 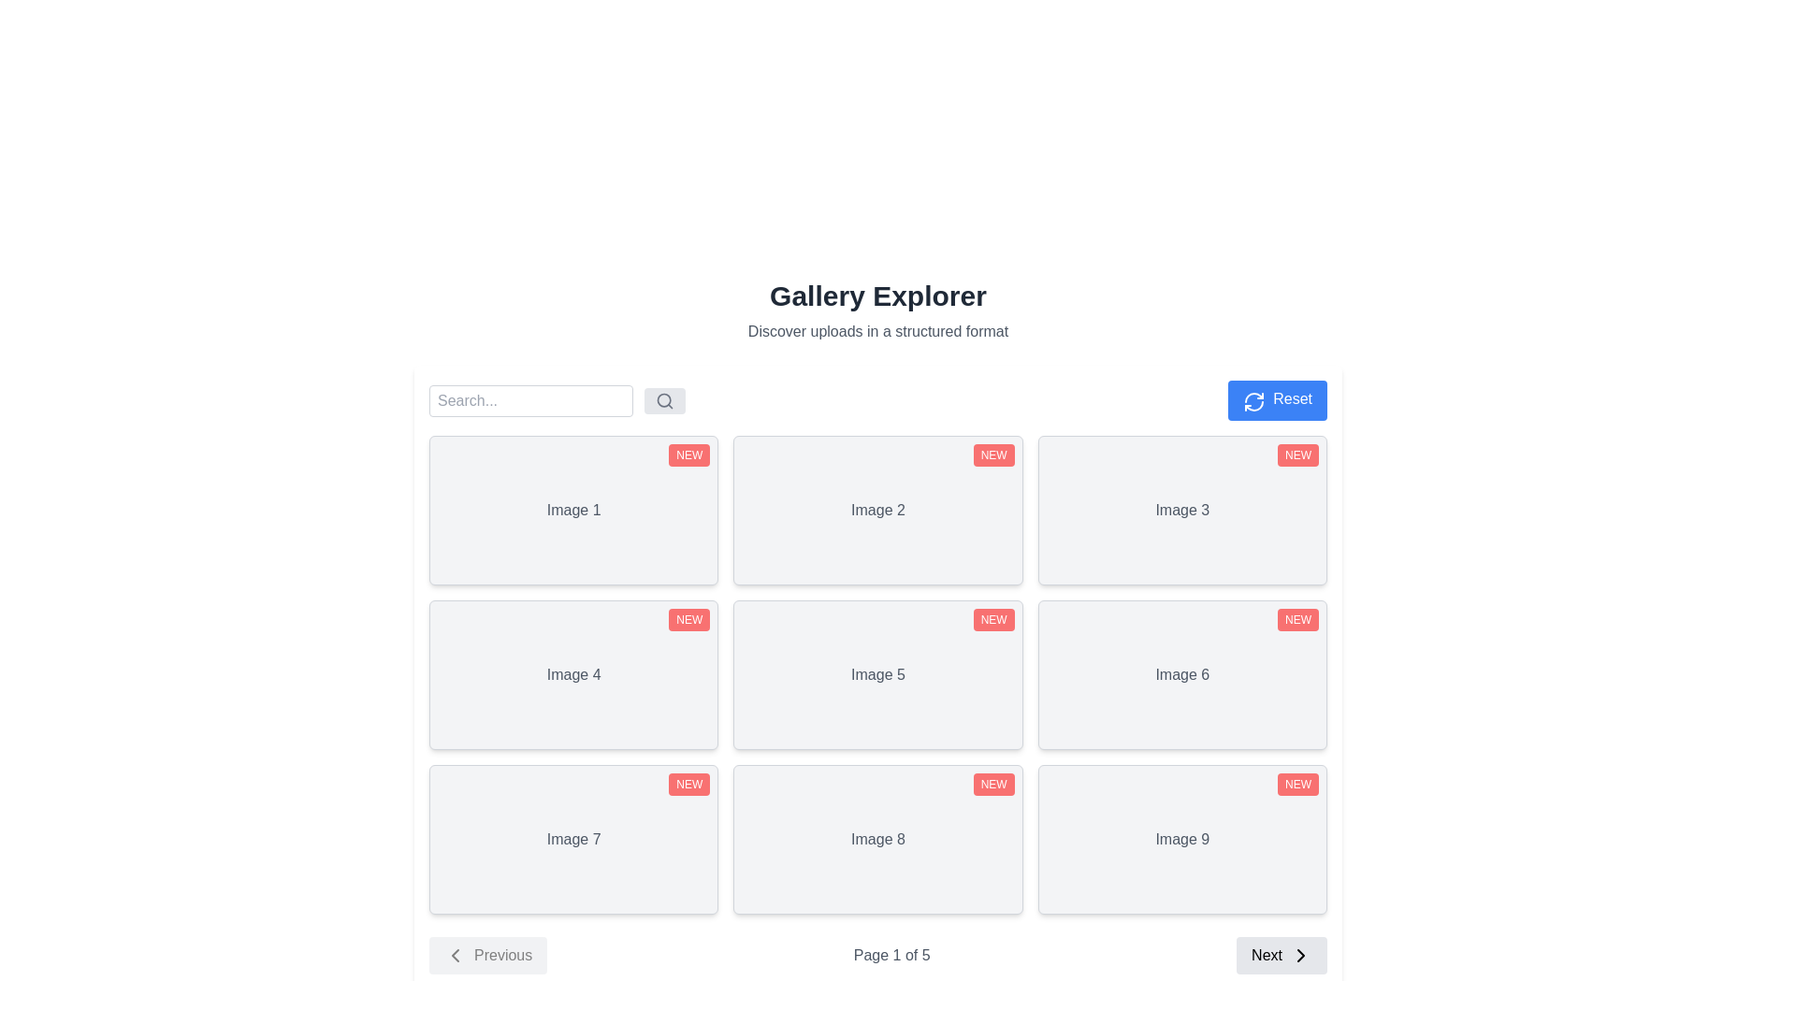 I want to click on the center image placeholder labeled 'Image 5' in the grid, so click(x=877, y=674).